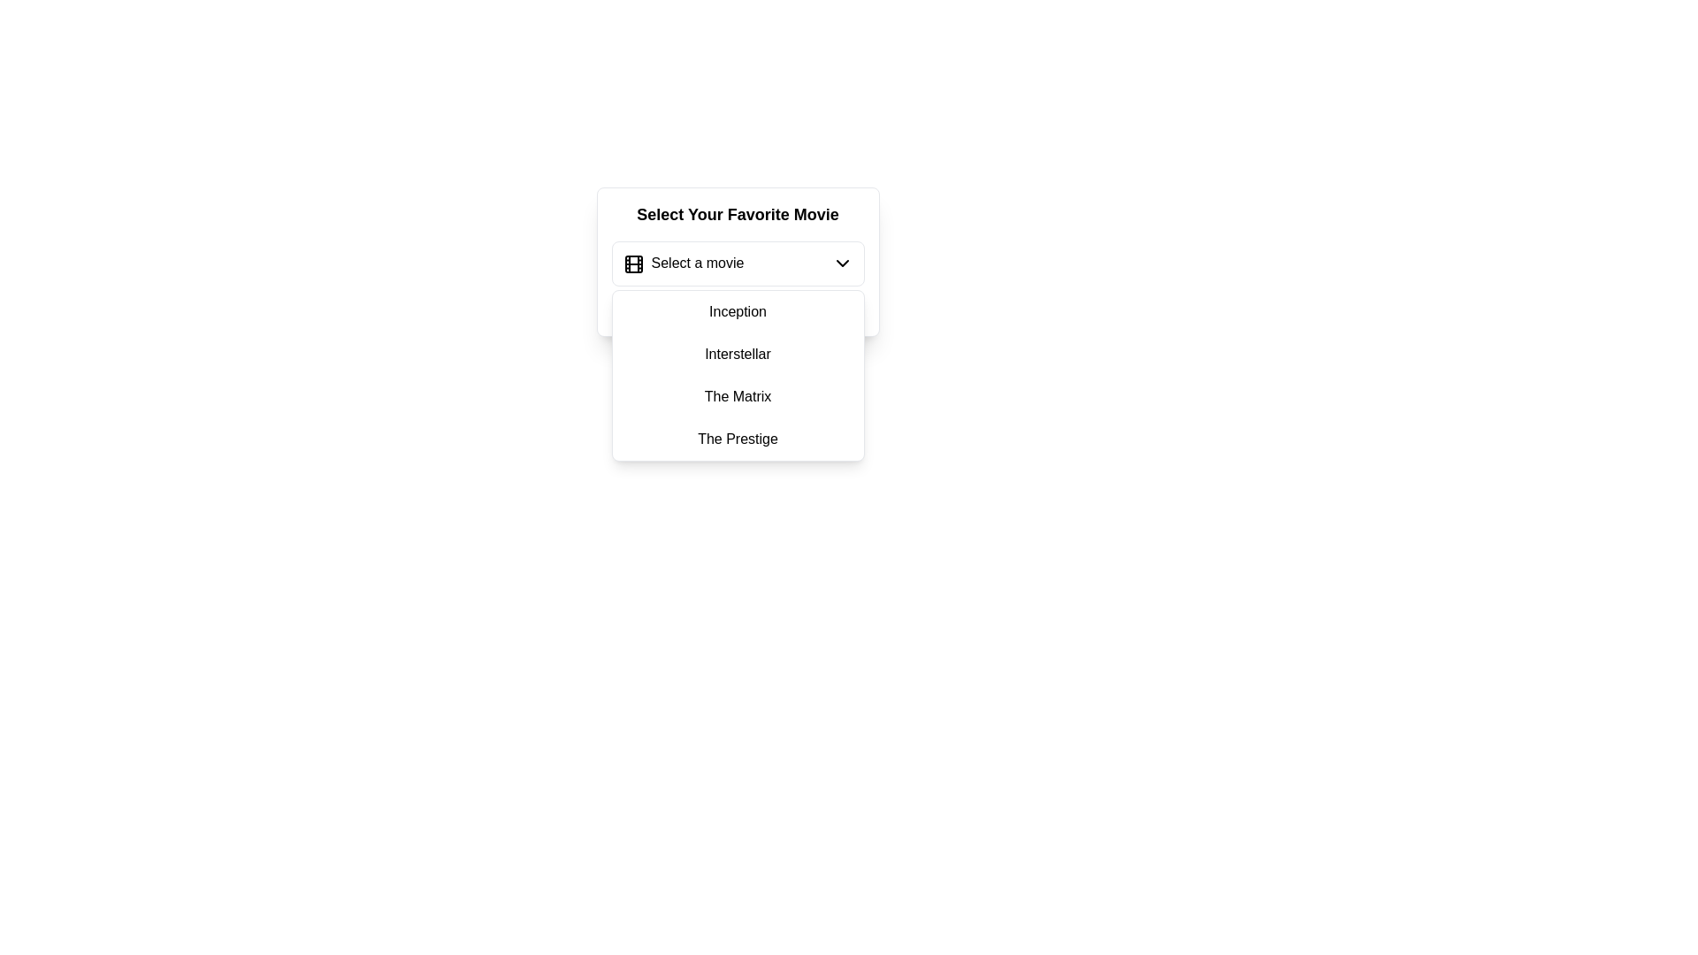  Describe the element at coordinates (738, 438) in the screenshot. I see `the 'The Prestige' text menu item in the drop-down list` at that location.